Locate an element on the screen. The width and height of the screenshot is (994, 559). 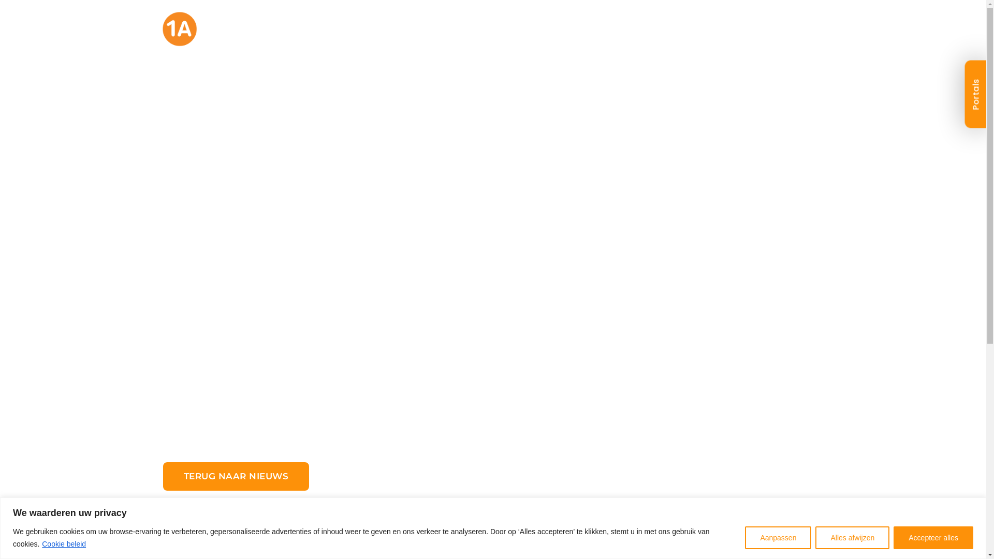
'Accepteer alles' is located at coordinates (933, 536).